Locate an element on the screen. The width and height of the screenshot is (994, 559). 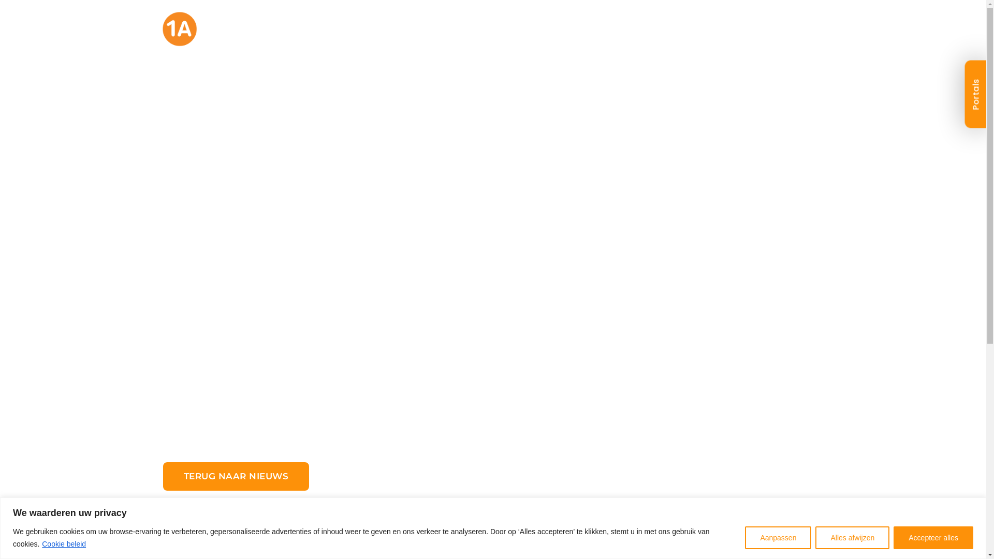
'Accepteer alles' is located at coordinates (933, 536).